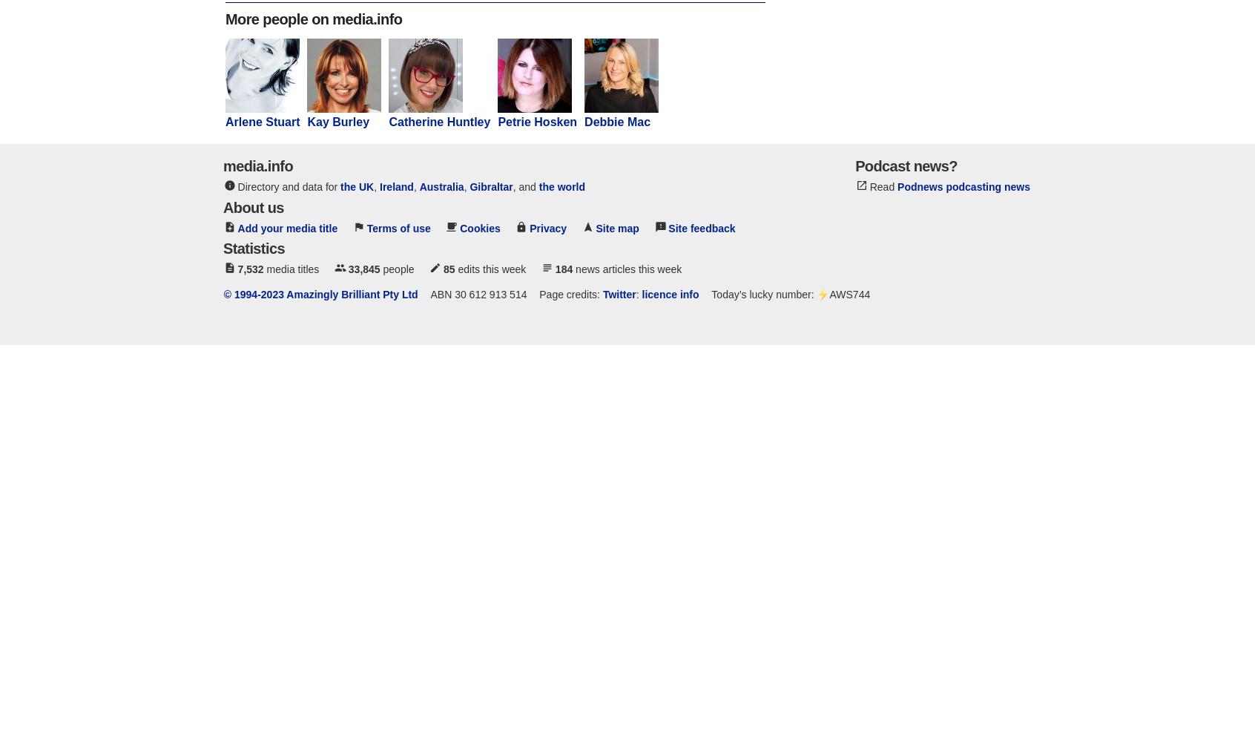 The height and width of the screenshot is (742, 1255). Describe the element at coordinates (491, 186) in the screenshot. I see `'Gibraltar'` at that location.